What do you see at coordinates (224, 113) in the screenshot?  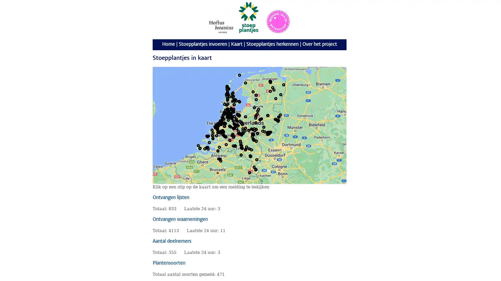 I see `Telling van Truus op 27 april 2022` at bounding box center [224, 113].